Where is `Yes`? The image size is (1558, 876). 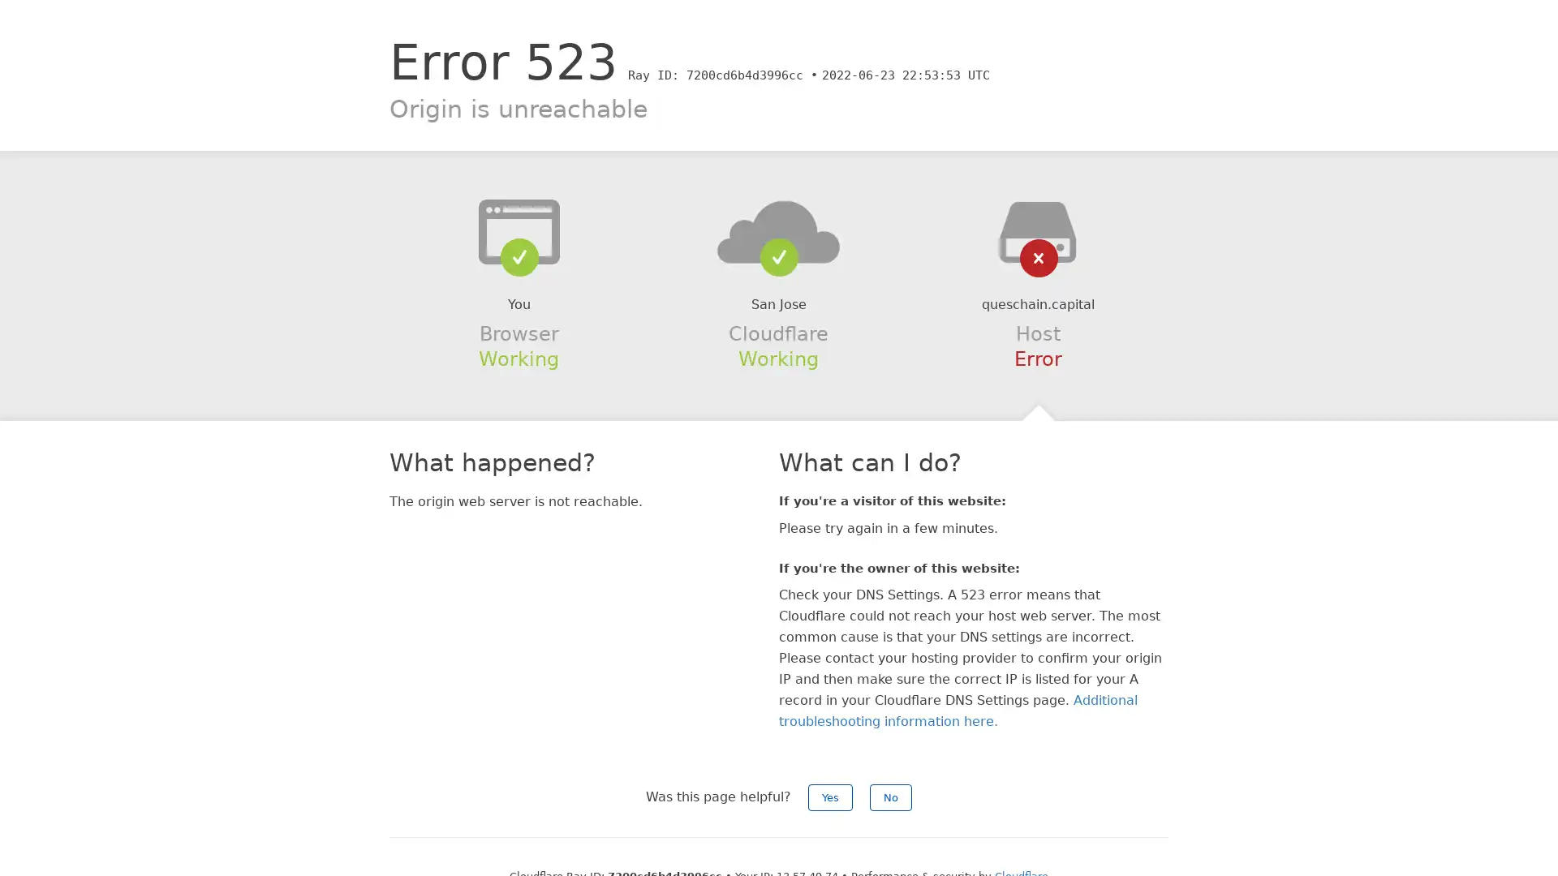
Yes is located at coordinates (830, 797).